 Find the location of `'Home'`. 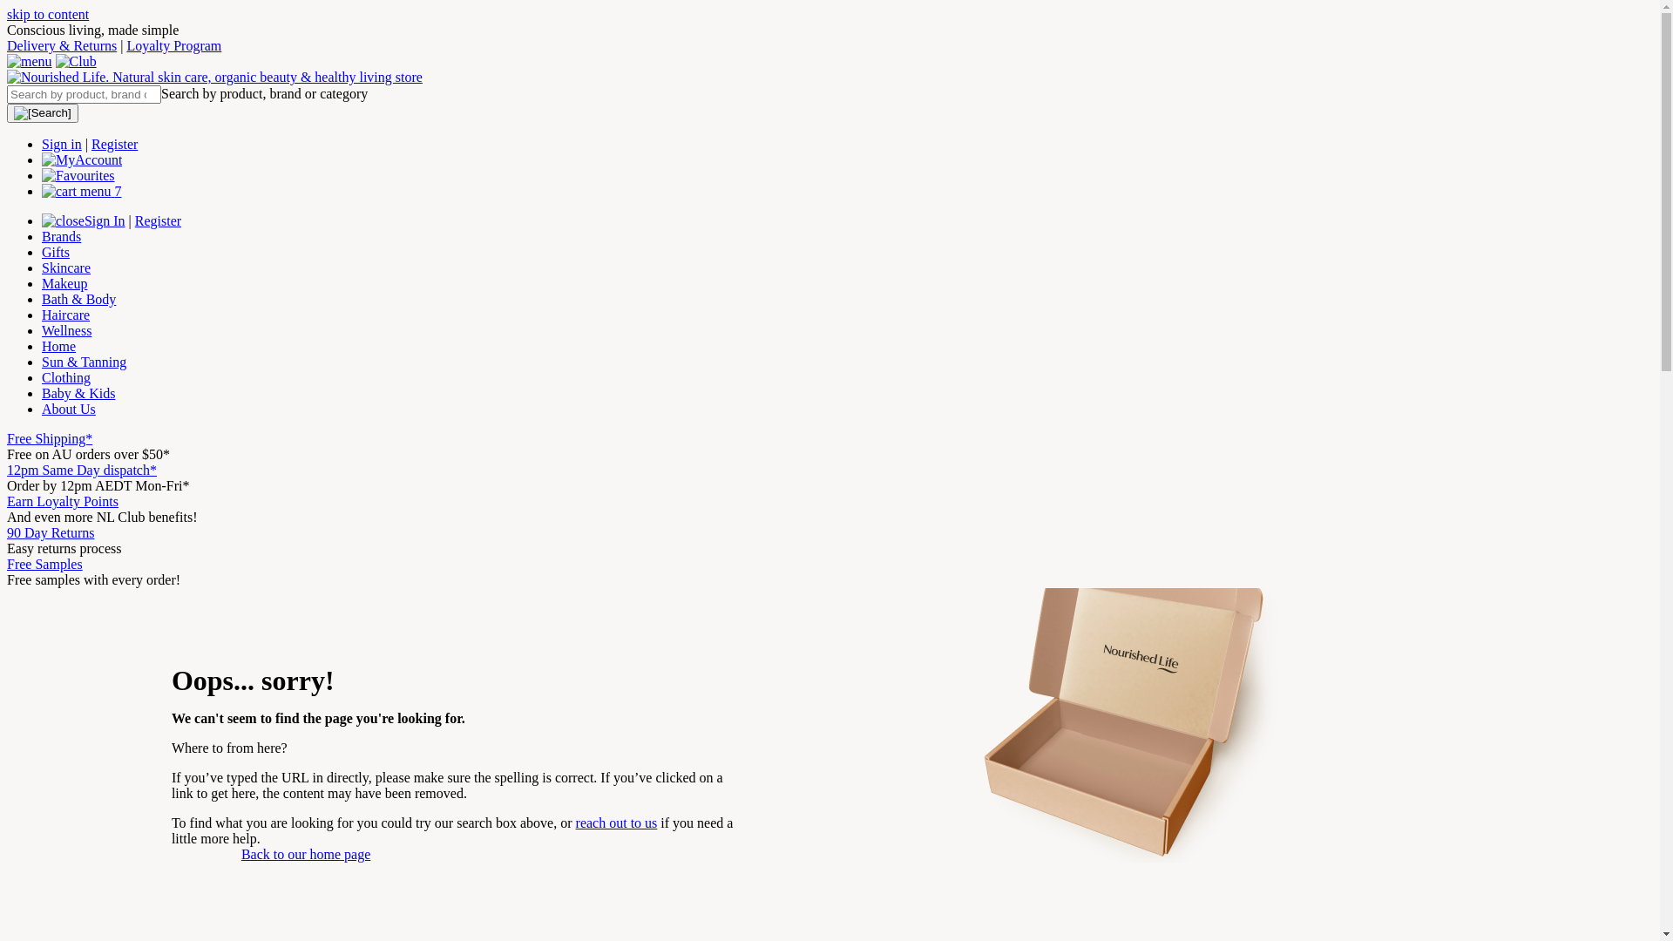

'Home' is located at coordinates (58, 346).